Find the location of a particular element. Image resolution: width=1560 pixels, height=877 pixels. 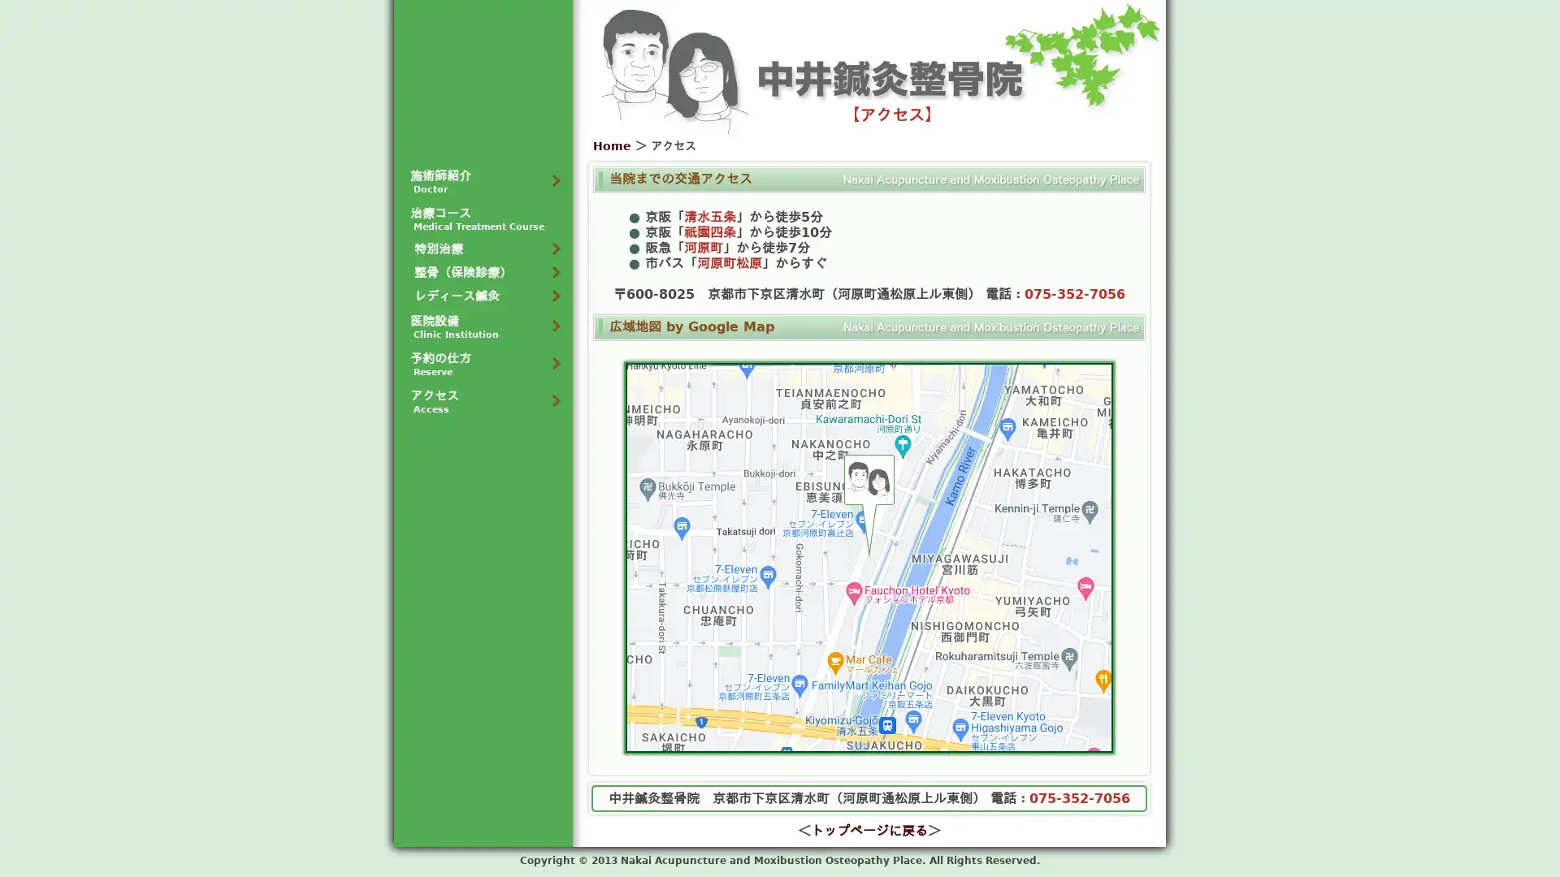

Zoom in is located at coordinates (1087, 682).